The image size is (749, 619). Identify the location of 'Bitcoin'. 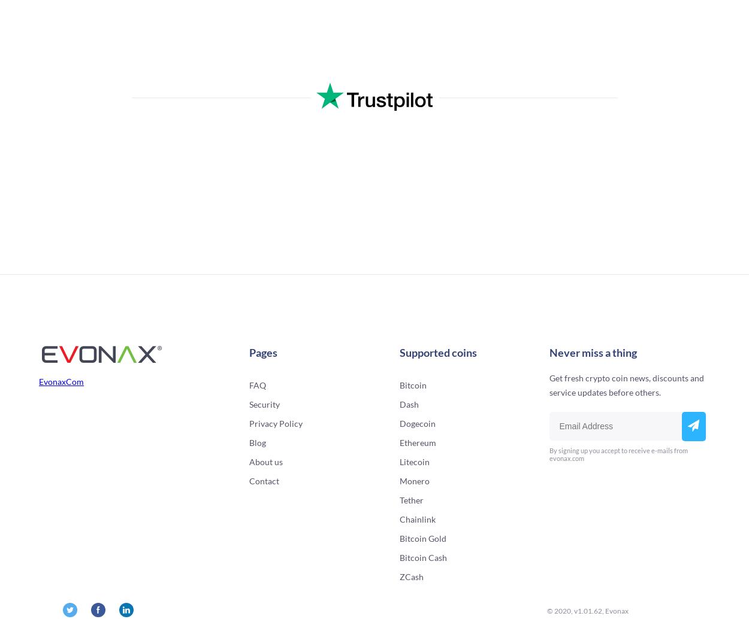
(412, 385).